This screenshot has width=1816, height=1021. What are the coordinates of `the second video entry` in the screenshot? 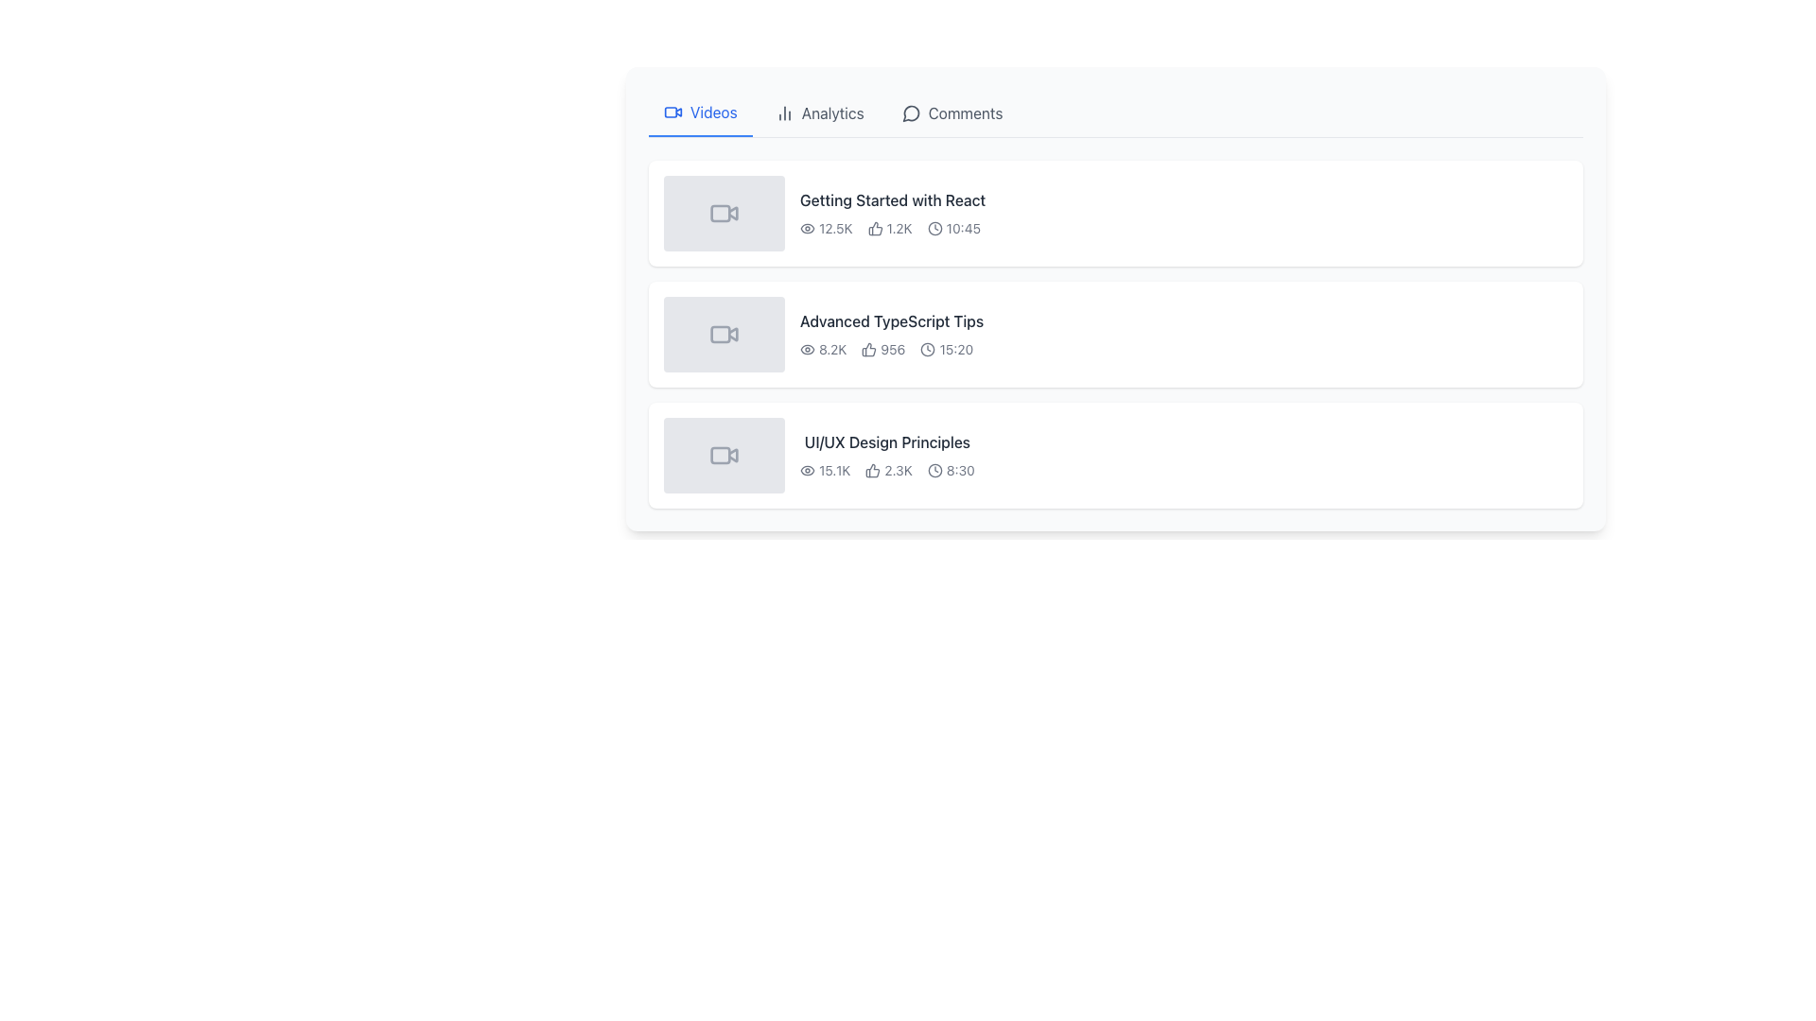 It's located at (824, 334).